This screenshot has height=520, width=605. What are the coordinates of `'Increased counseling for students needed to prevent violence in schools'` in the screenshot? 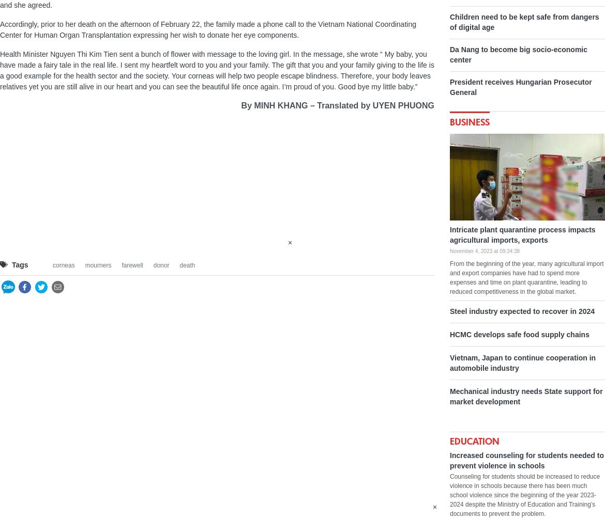 It's located at (526, 460).